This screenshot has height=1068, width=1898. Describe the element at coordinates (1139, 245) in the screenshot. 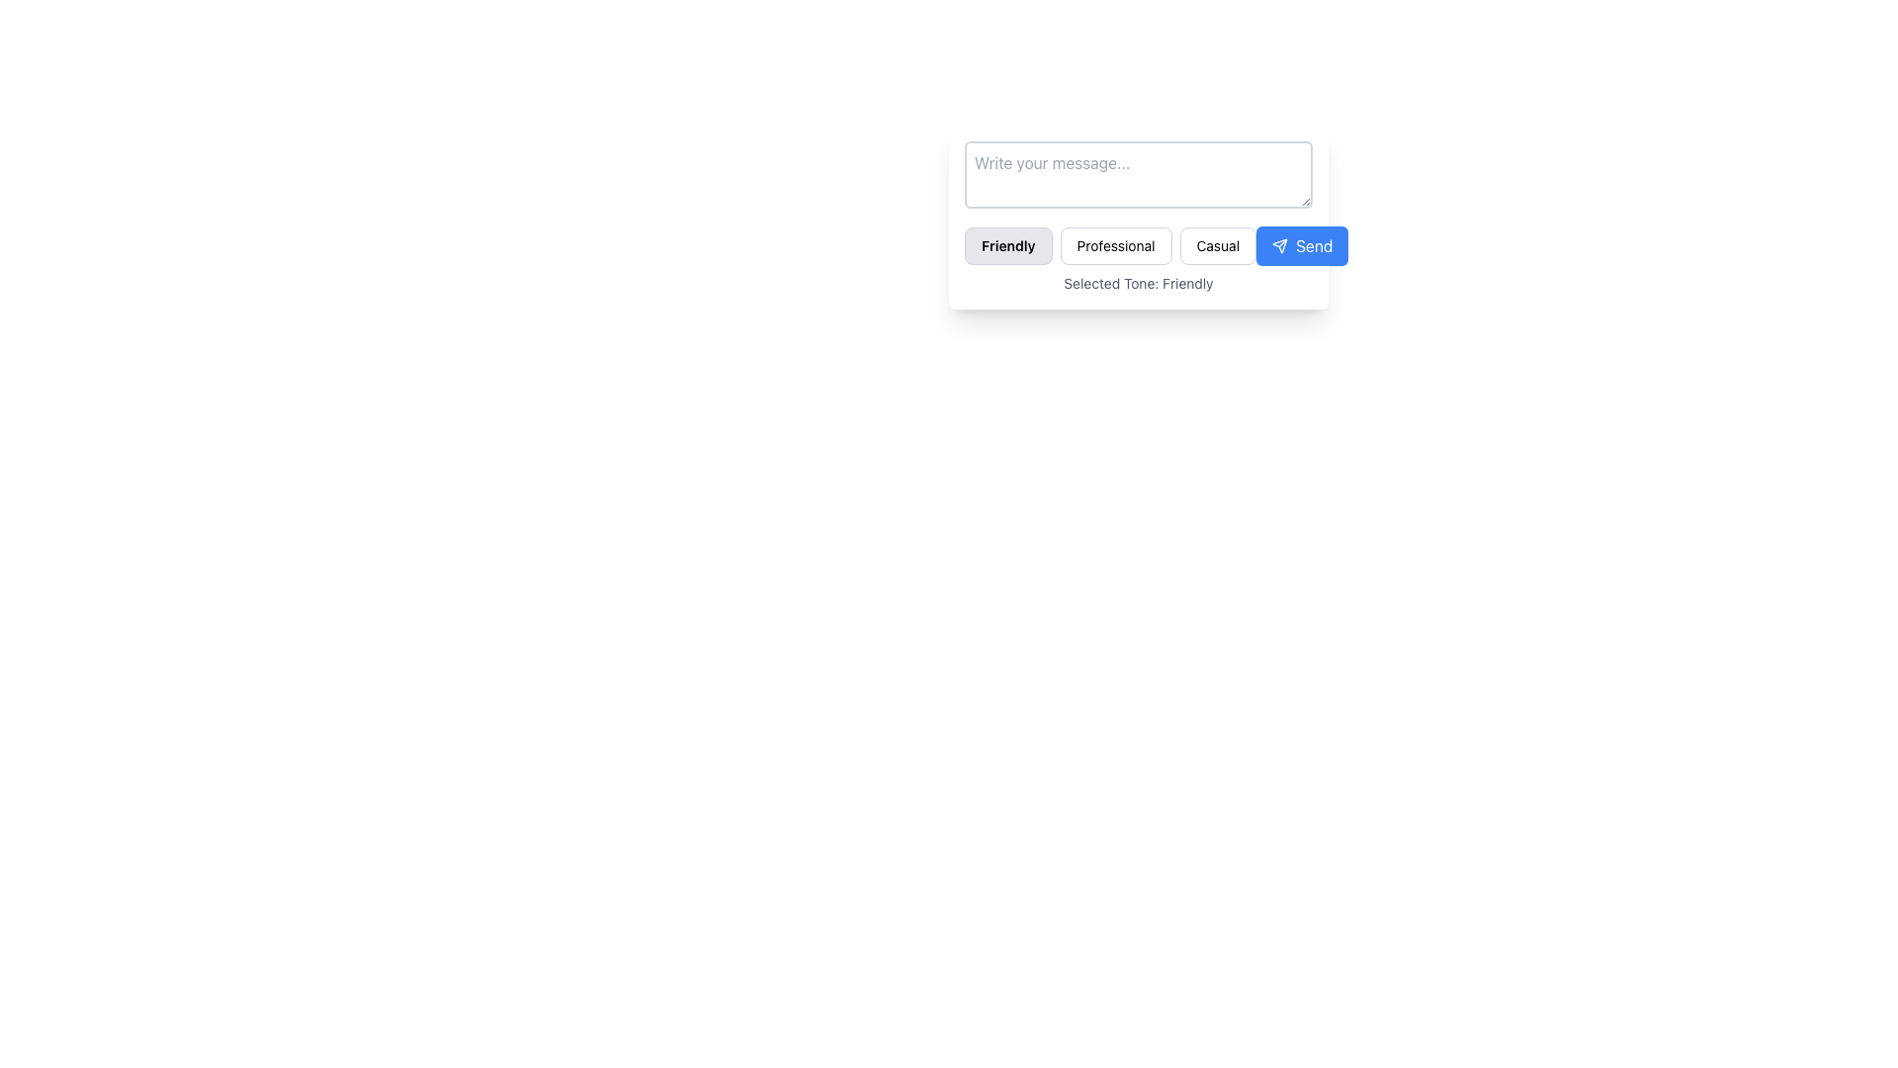

I see `the 'Professional' tone selection button located in the middle of the tone options row, directly below the 'Write your message...' text box` at that location.